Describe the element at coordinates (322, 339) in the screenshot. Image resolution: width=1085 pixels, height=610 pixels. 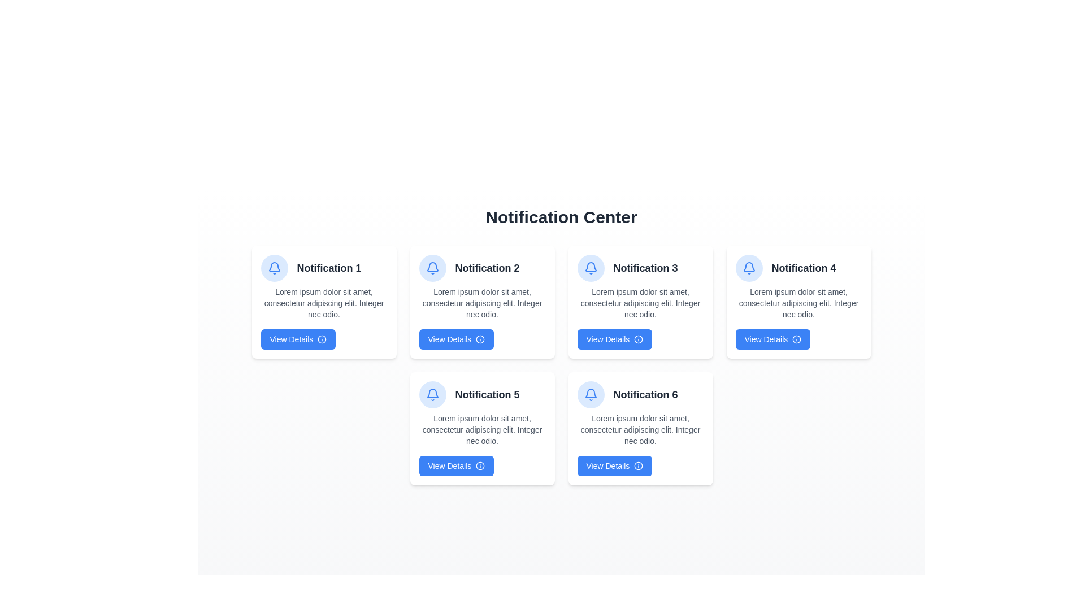
I see `the SVG circle element located within the 'Notification 1' card's blue circle icon, which is defined by an outline and has no fill color` at that location.